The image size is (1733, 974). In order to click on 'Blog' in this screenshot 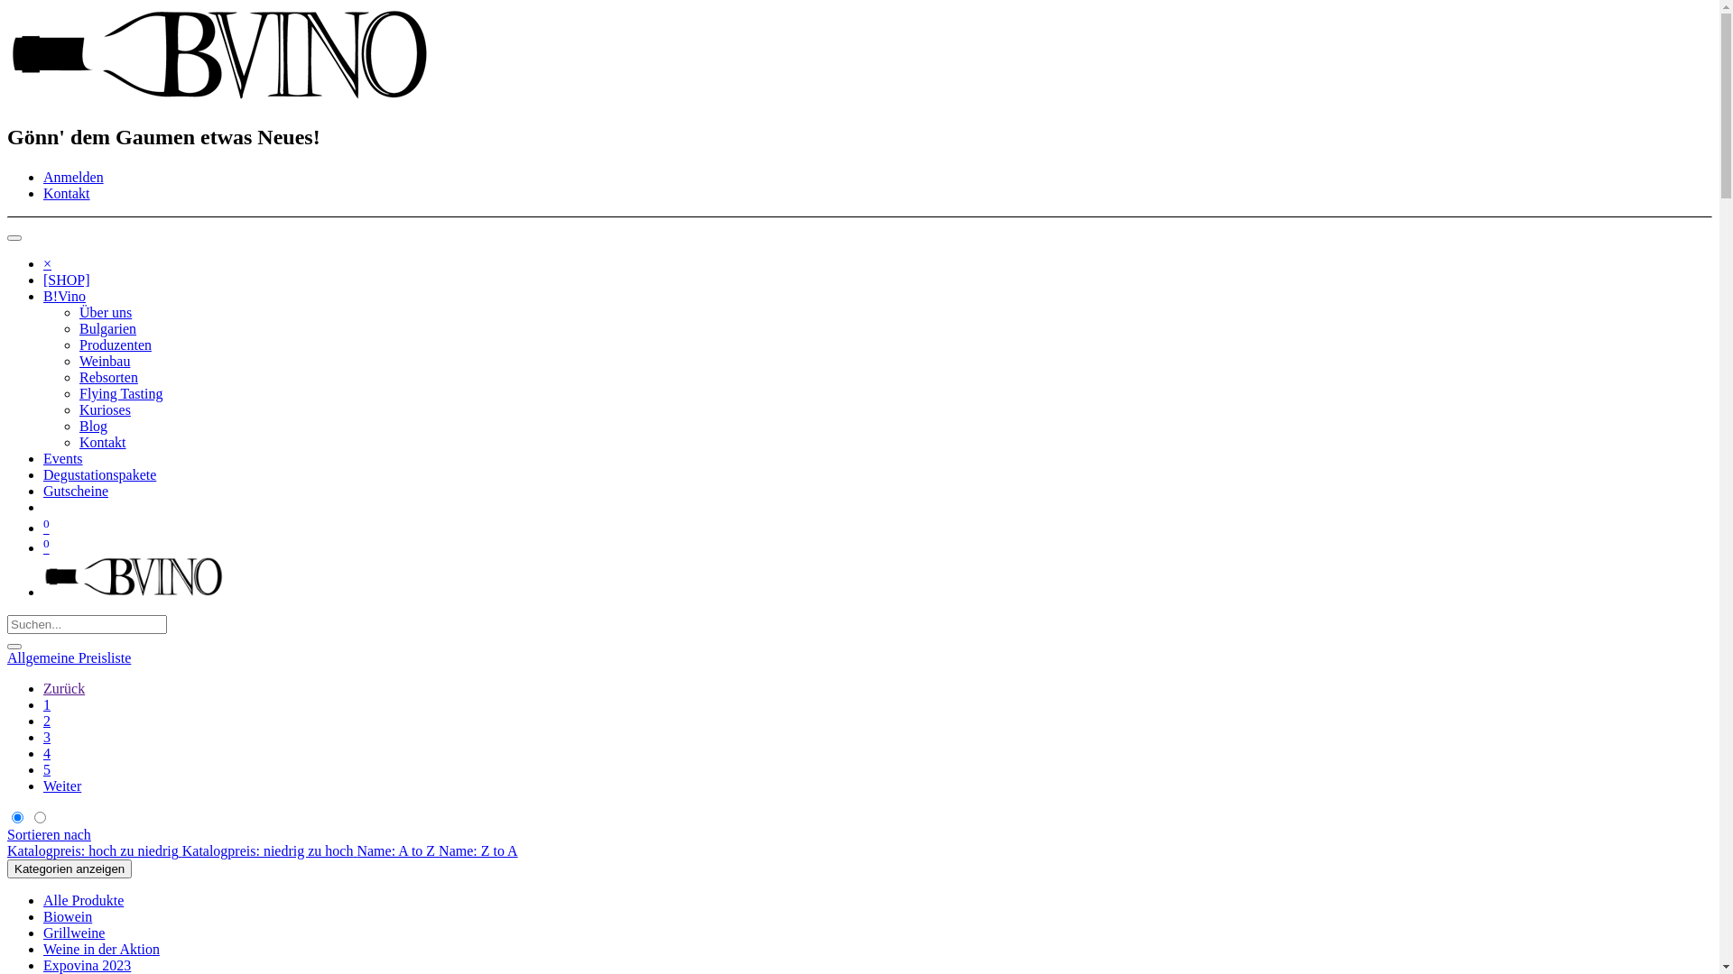, I will do `click(92, 426)`.